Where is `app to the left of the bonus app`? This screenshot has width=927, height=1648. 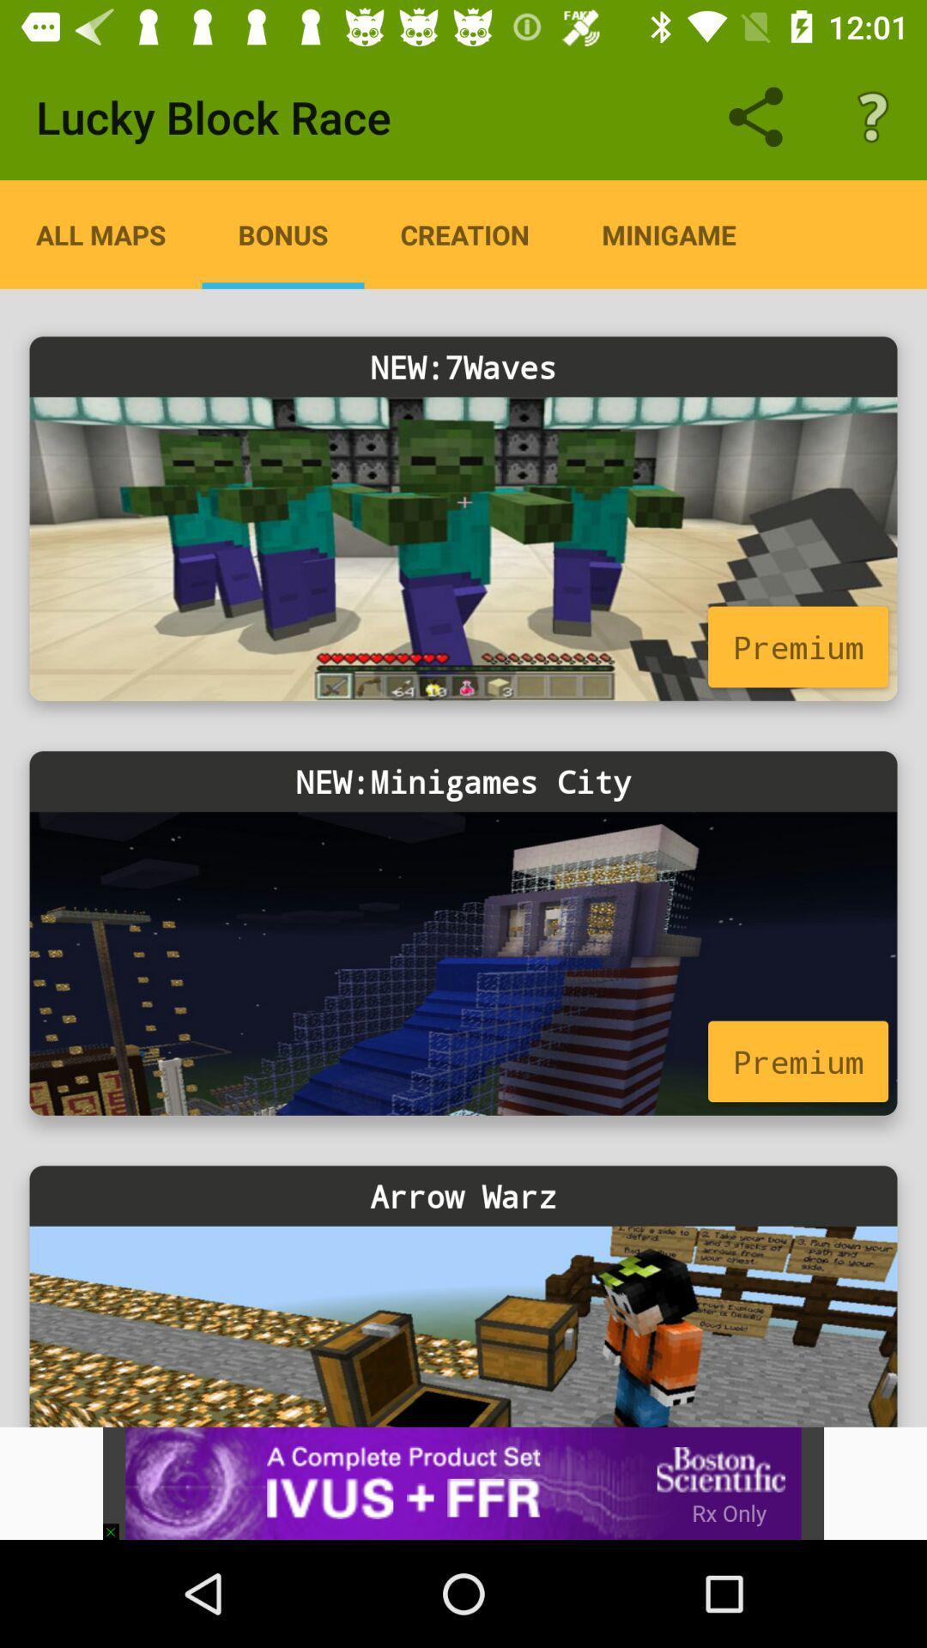 app to the left of the bonus app is located at coordinates (100, 233).